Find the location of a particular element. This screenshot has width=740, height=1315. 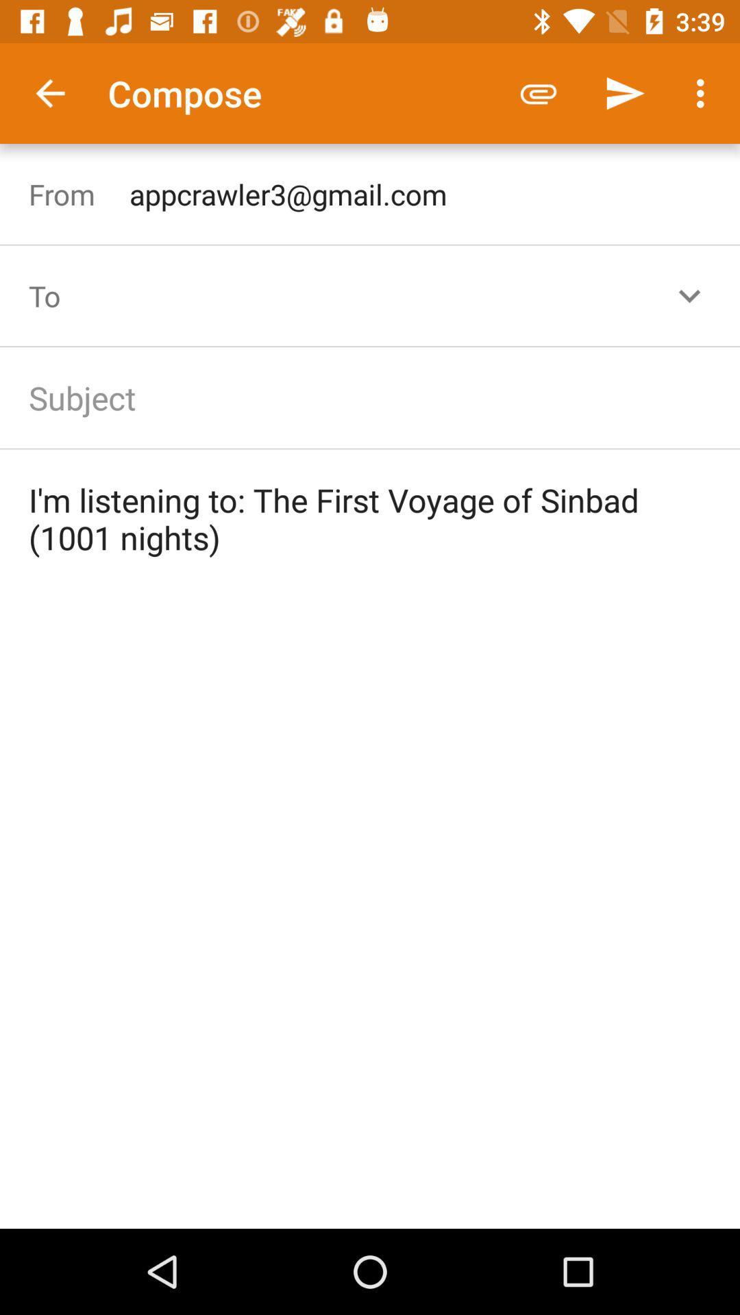

item below i m listening icon is located at coordinates (370, 908).